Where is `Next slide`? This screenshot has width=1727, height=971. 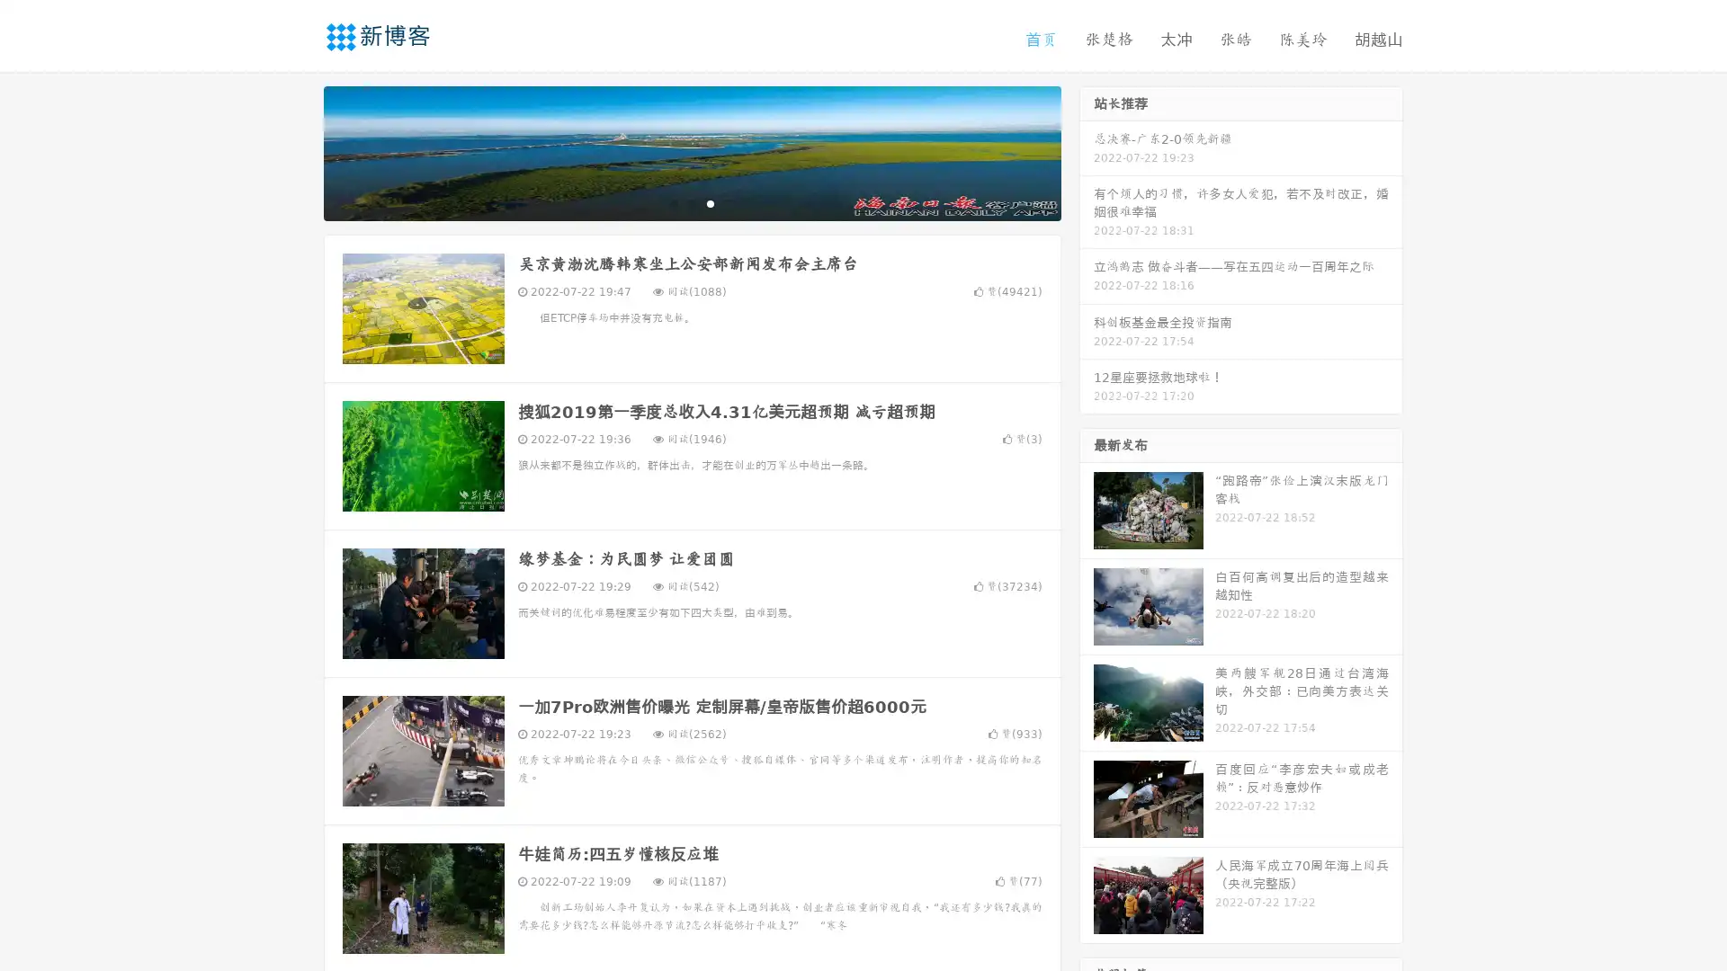
Next slide is located at coordinates (1087, 151).